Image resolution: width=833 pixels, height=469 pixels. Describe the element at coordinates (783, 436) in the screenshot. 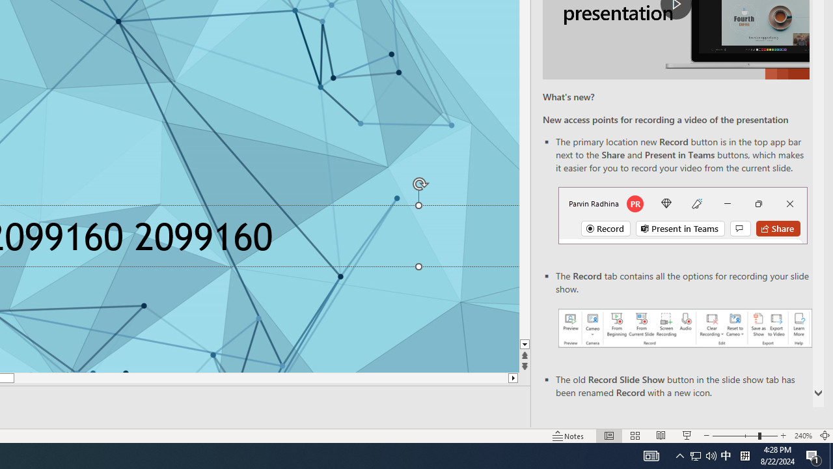

I see `'Zoom In'` at that location.